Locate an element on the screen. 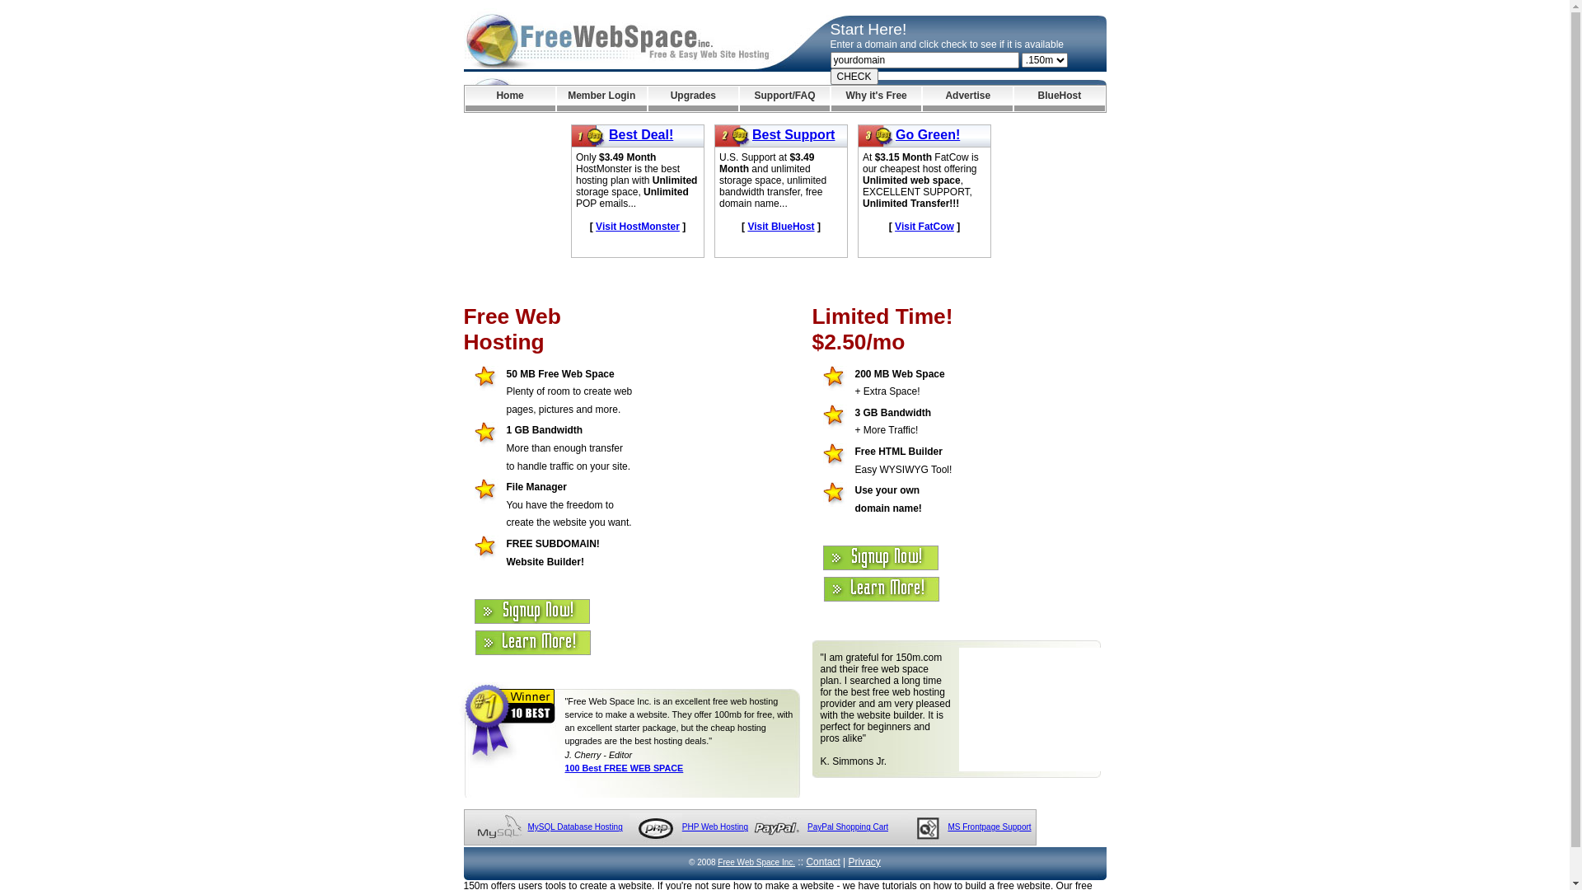  'PayPal Shopping Cart' is located at coordinates (807, 827).